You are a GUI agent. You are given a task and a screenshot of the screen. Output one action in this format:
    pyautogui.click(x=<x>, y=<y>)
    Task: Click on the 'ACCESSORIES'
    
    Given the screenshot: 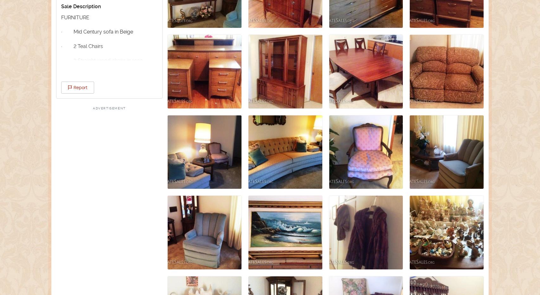 What is the action you would take?
    pyautogui.click(x=78, y=214)
    